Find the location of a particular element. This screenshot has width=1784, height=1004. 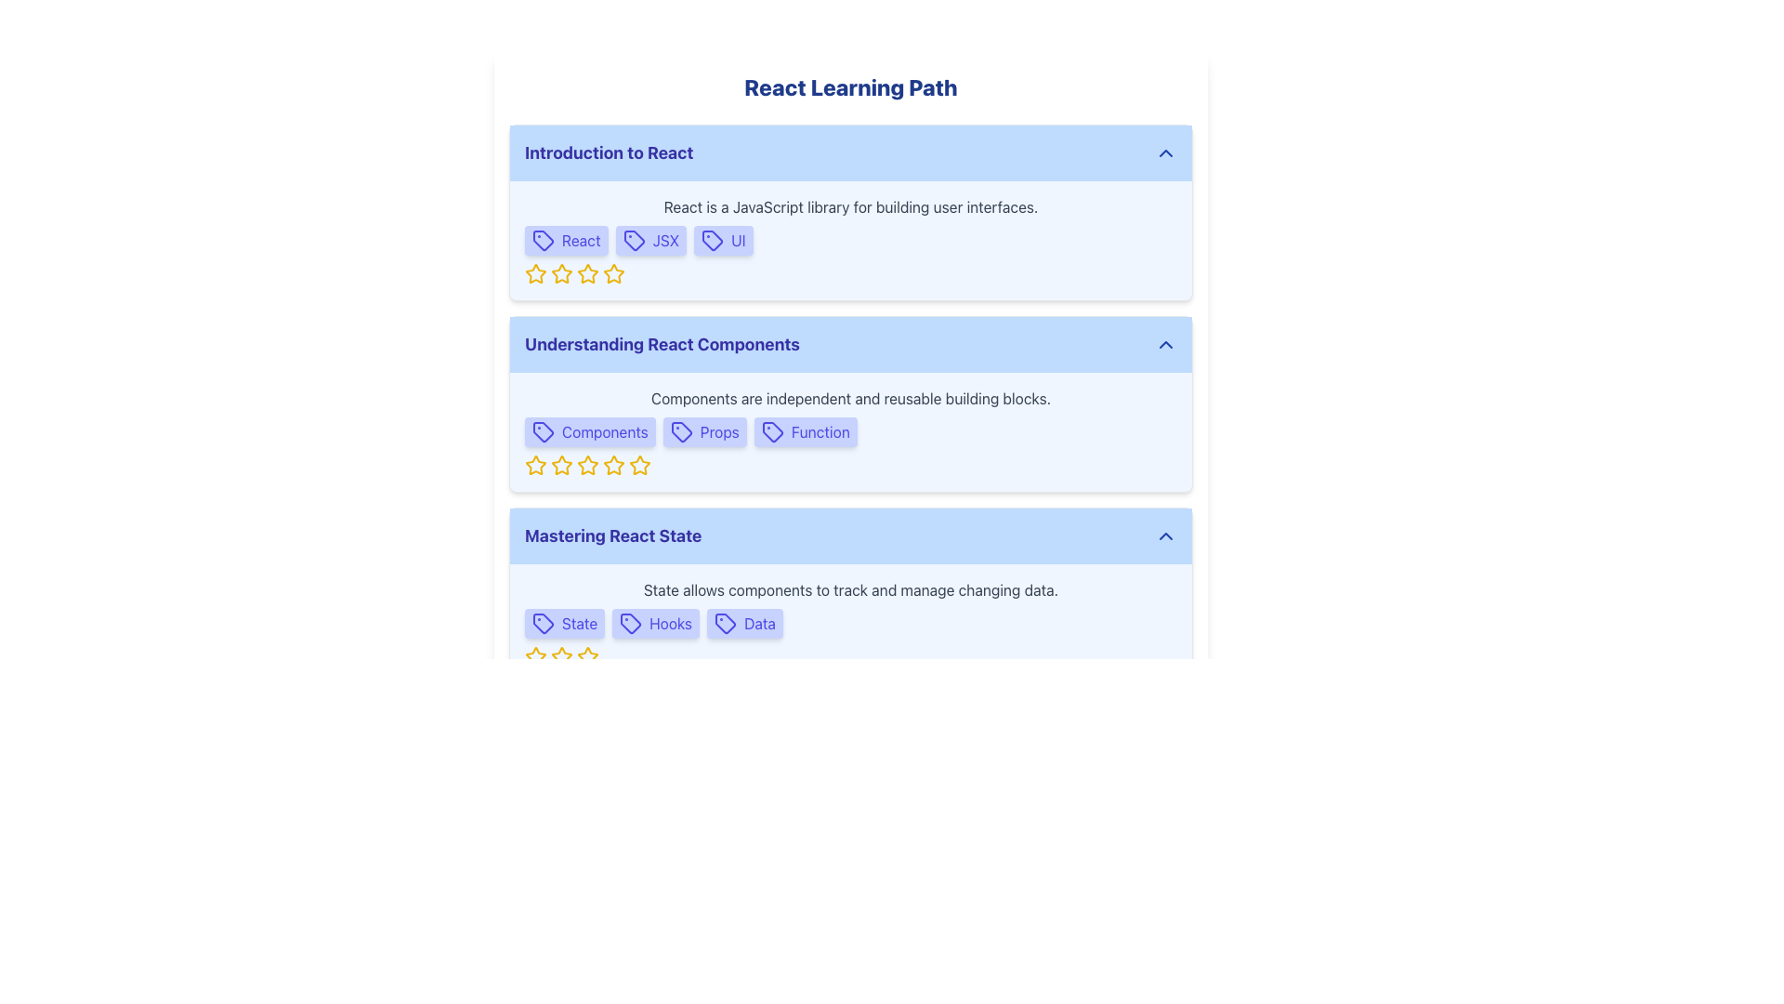

the tag icon, which is hexagonal in shape with a blue color and a circular dot near its center, located in the 'Understanding React Components' section next to the 'Components' label is located at coordinates (543, 432).